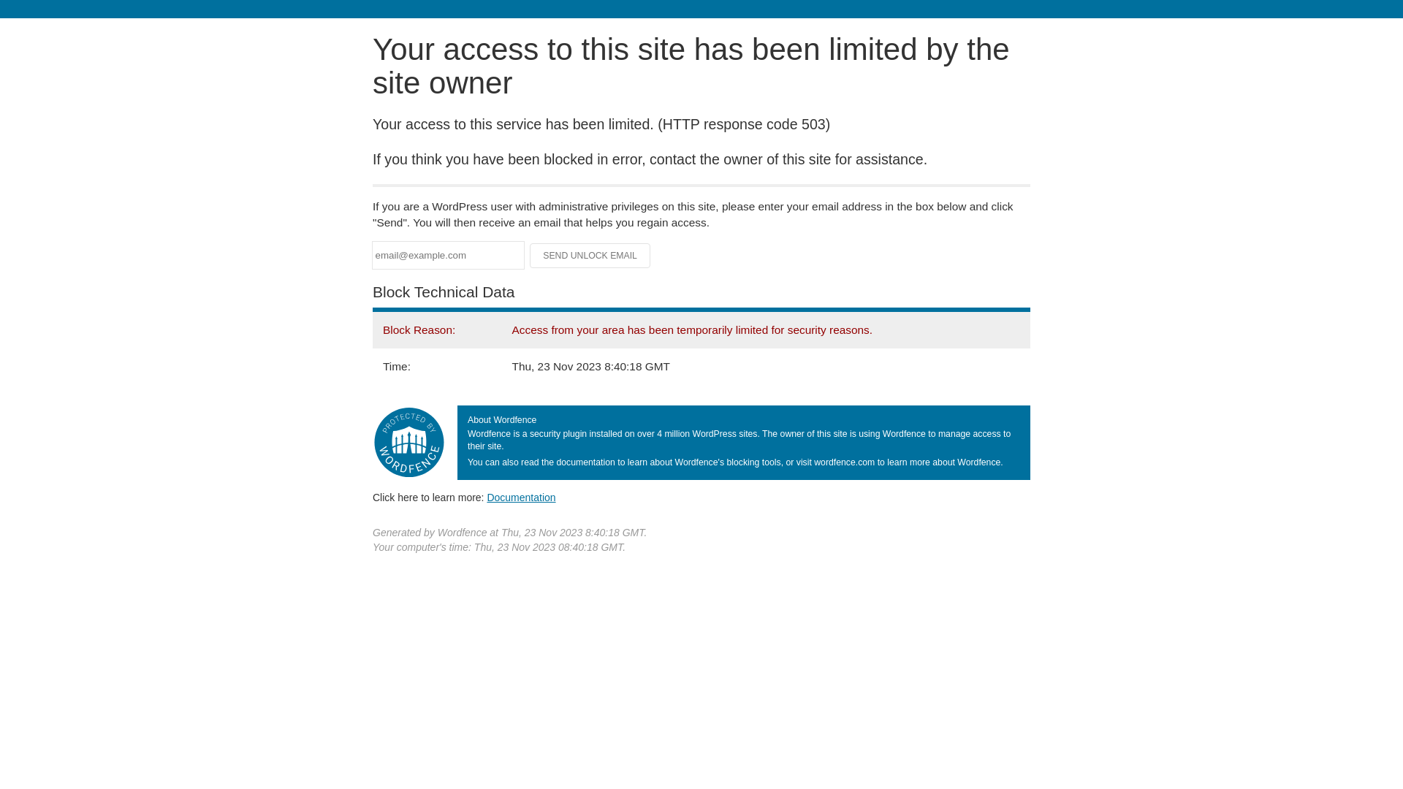 The height and width of the screenshot is (789, 1403). I want to click on 'Send Unlock Email', so click(528, 255).